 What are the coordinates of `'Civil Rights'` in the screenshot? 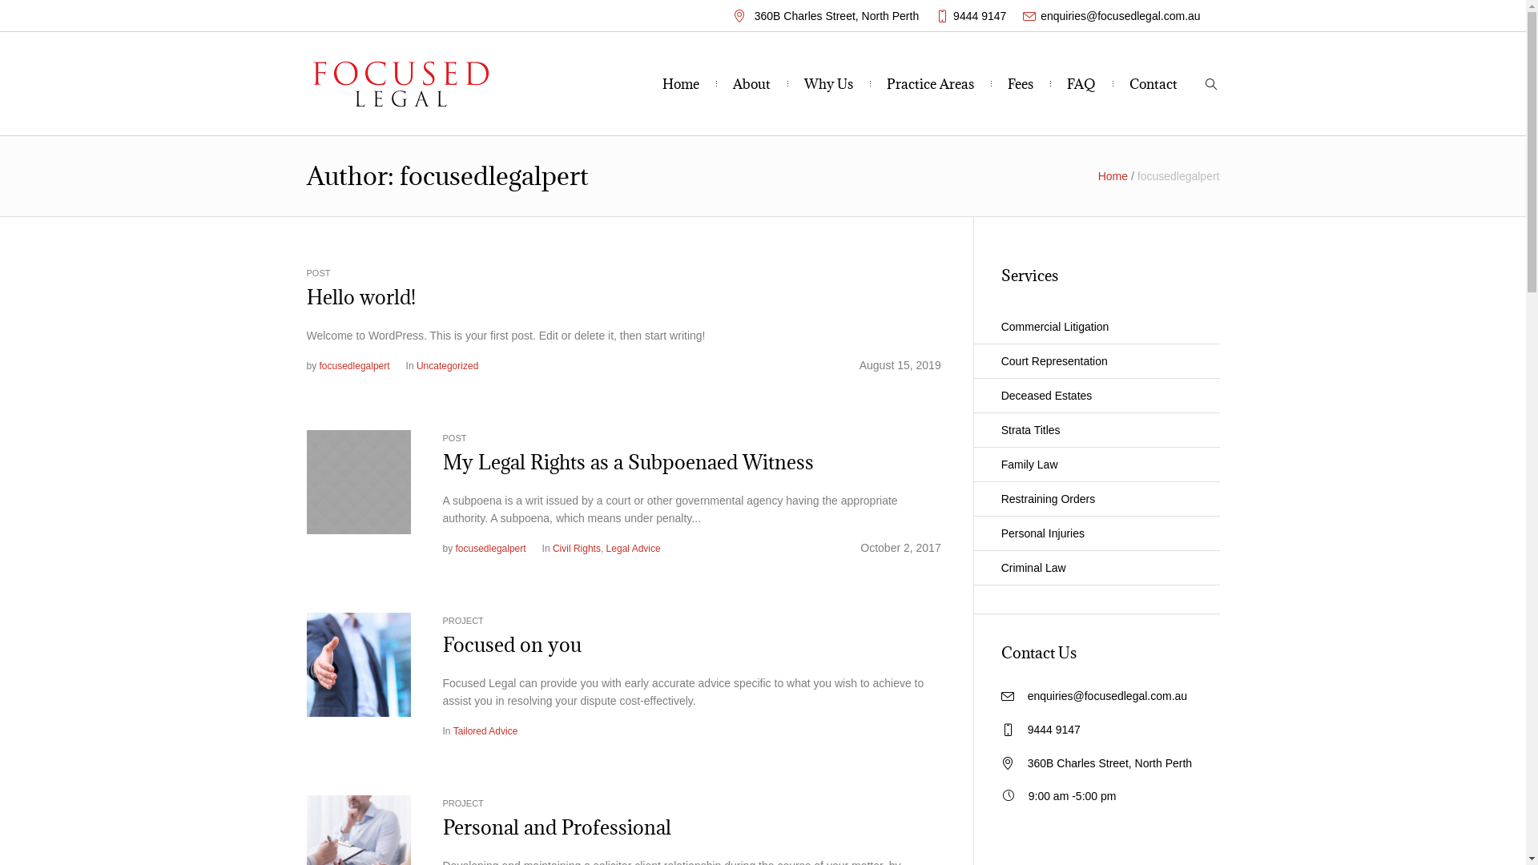 It's located at (577, 548).